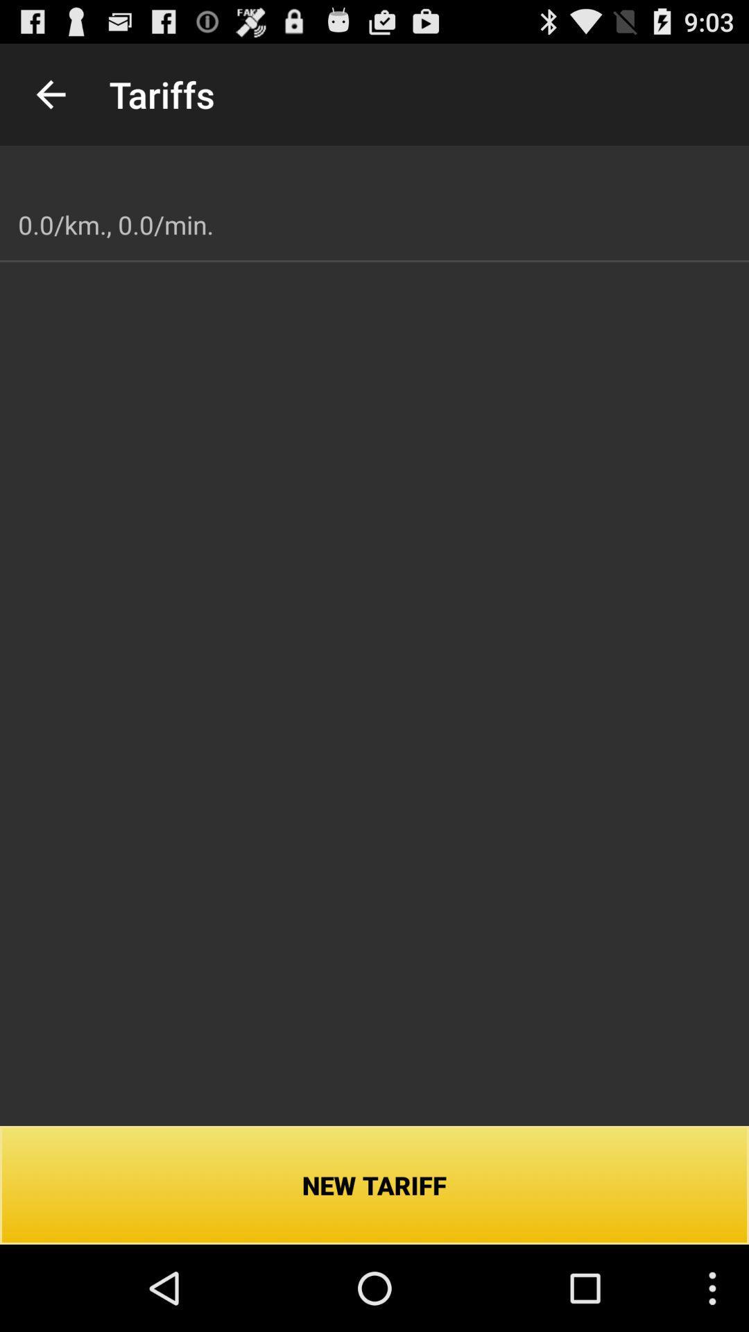  Describe the element at coordinates (374, 1184) in the screenshot. I see `the item at the bottom` at that location.